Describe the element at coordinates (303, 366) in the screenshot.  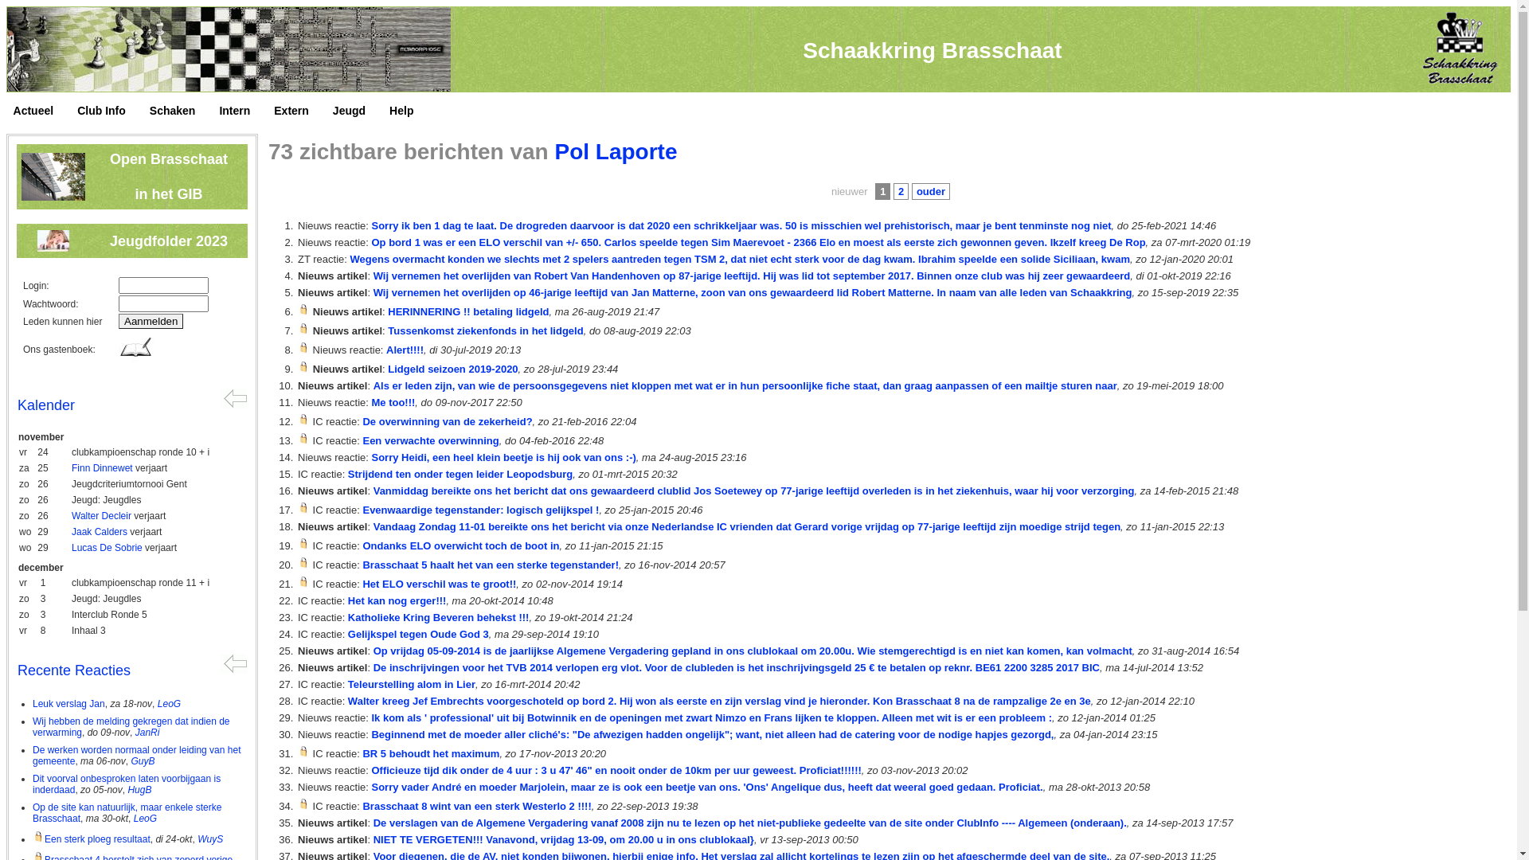
I see `'Enkel zichtbaar voor clubleden'` at that location.